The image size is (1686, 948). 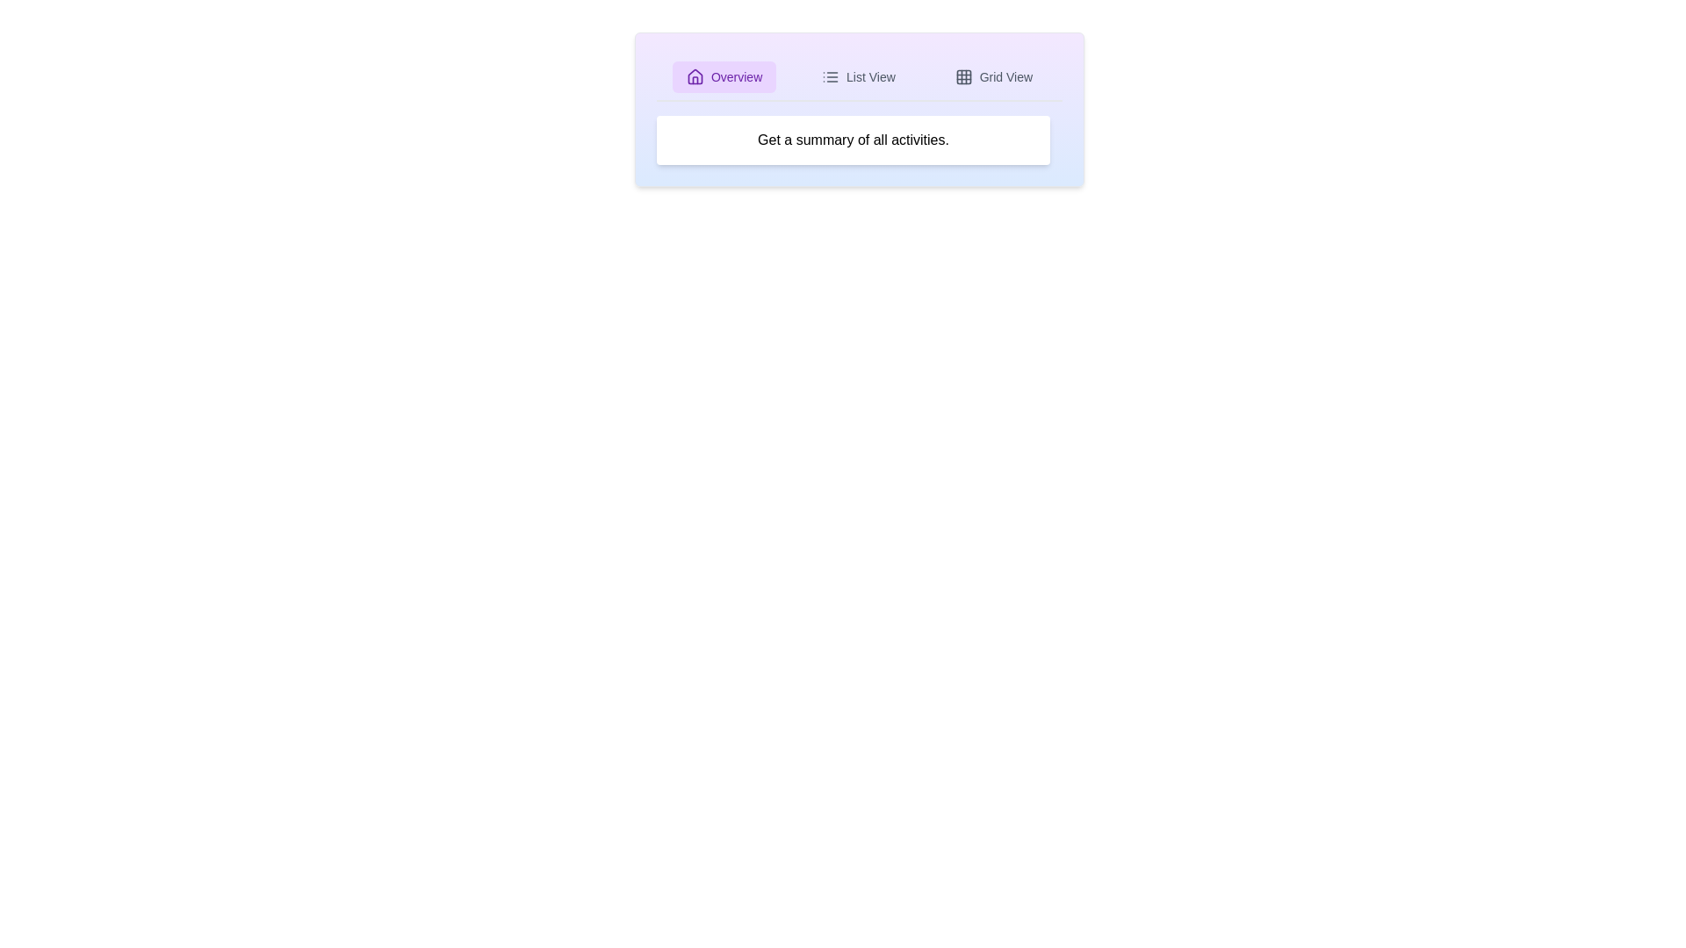 I want to click on the active tab, which is the 'Overview' tab, so click(x=724, y=76).